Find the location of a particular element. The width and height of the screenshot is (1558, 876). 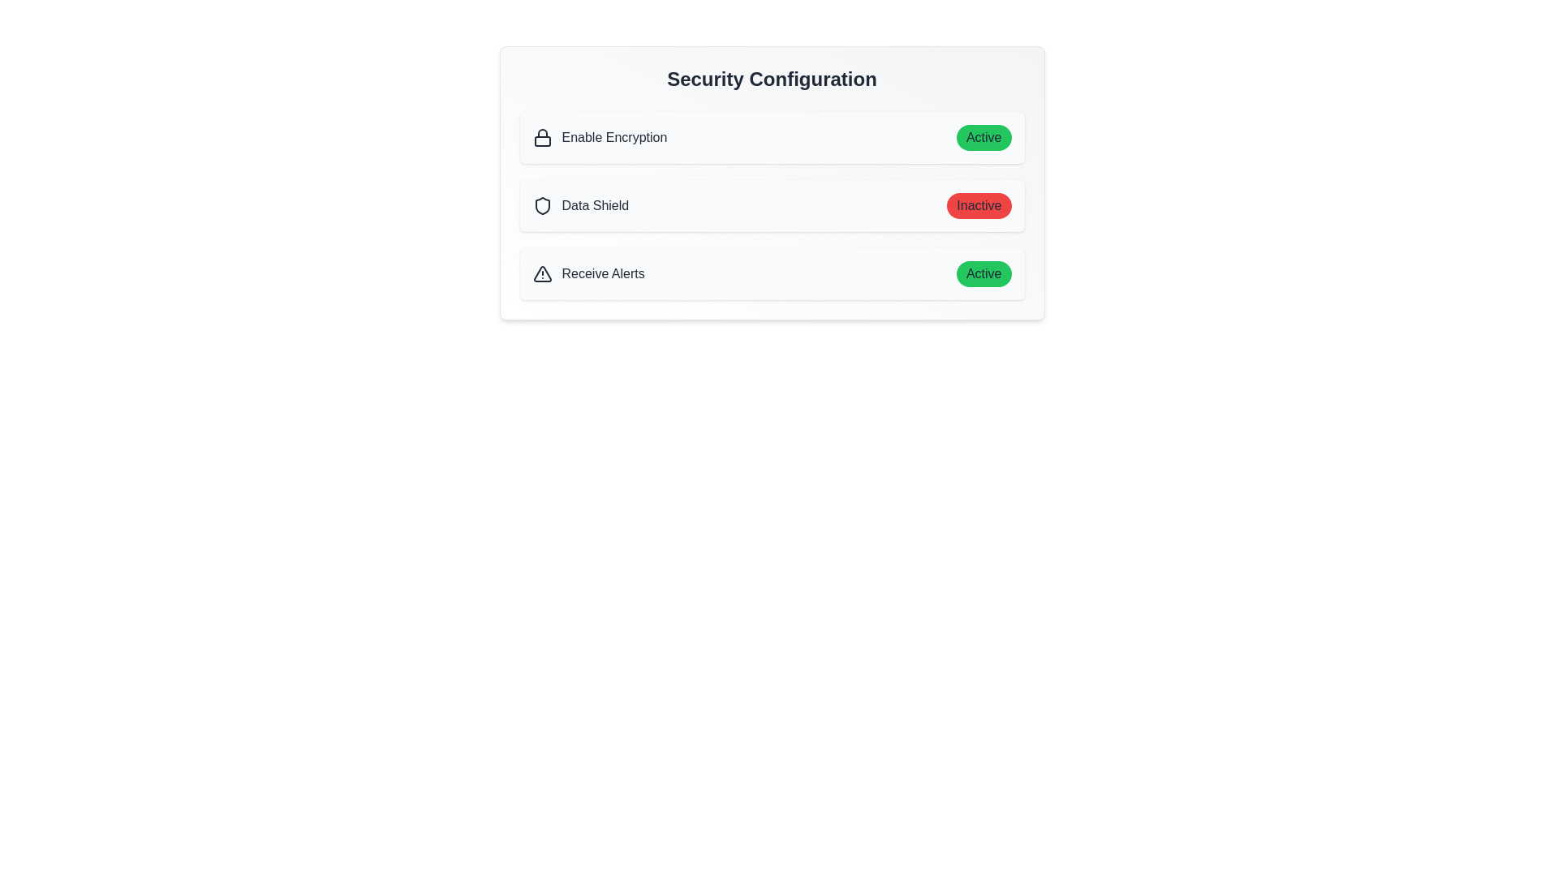

the 'Active' status text label in the green rounded rectangle button for the 'Receive Alerts' feature within the 'Security Configuration' panel is located at coordinates (983, 273).